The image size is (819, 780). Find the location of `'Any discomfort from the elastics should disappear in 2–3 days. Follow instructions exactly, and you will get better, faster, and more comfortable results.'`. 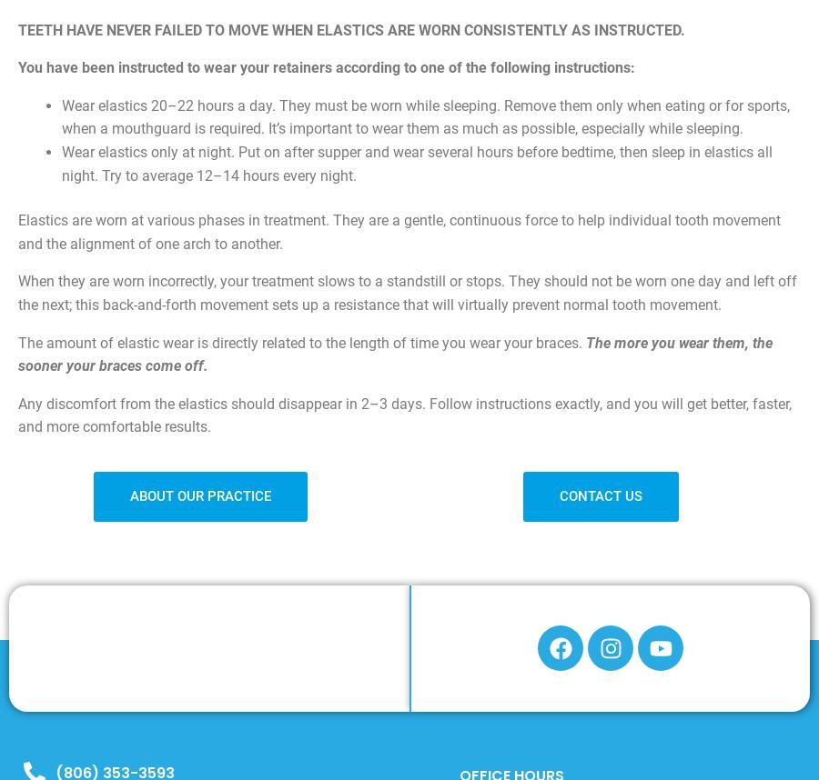

'Any discomfort from the elastics should disappear in 2–3 days. Follow instructions exactly, and you will get better, faster, and more comfortable results.' is located at coordinates (16, 415).